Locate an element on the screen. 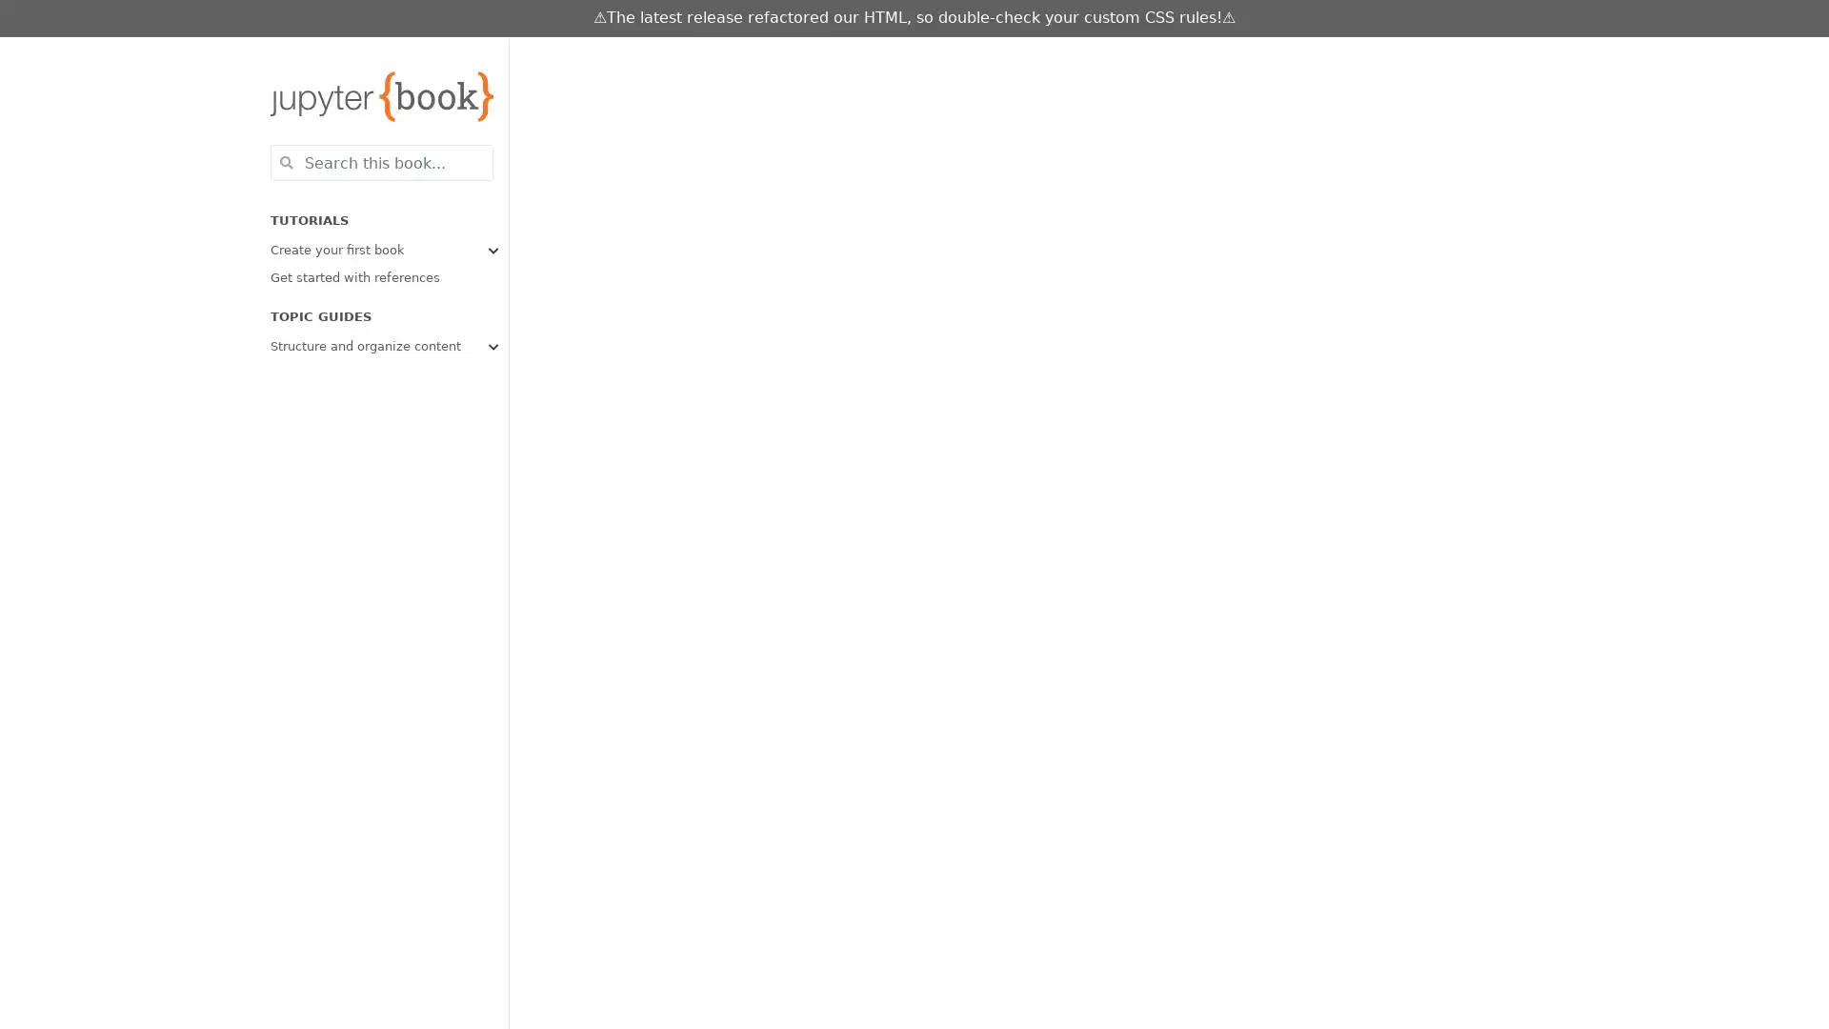 This screenshot has width=1829, height=1029. Source repositories is located at coordinates (1240, 56).